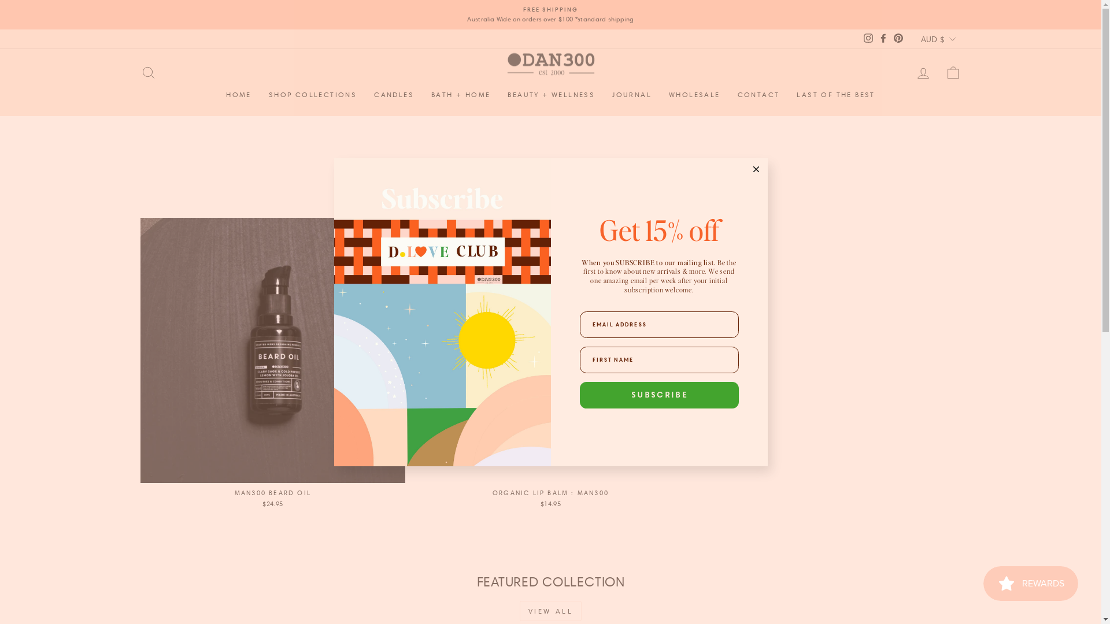 The image size is (1110, 624). What do you see at coordinates (922, 73) in the screenshot?
I see `'LOG IN'` at bounding box center [922, 73].